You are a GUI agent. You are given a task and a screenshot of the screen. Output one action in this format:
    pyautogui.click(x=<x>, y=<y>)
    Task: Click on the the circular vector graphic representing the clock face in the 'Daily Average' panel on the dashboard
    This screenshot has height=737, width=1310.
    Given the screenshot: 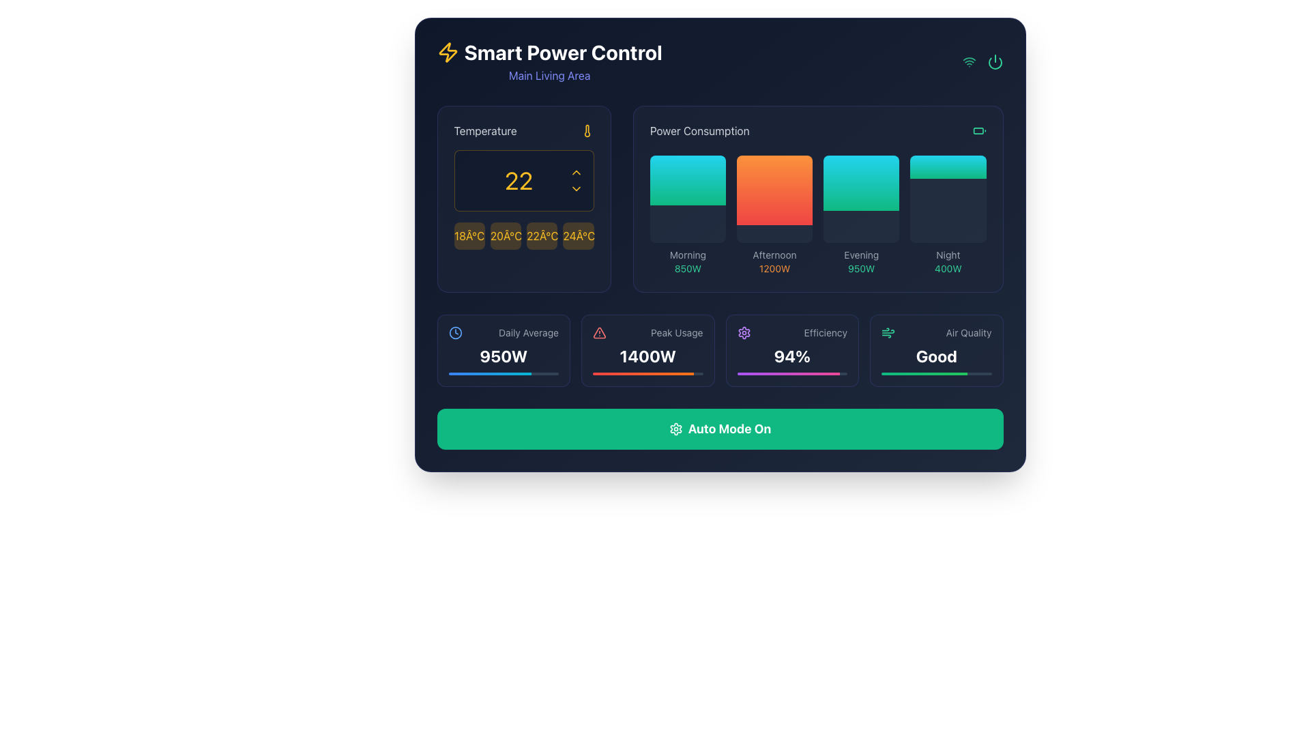 What is the action you would take?
    pyautogui.click(x=455, y=333)
    